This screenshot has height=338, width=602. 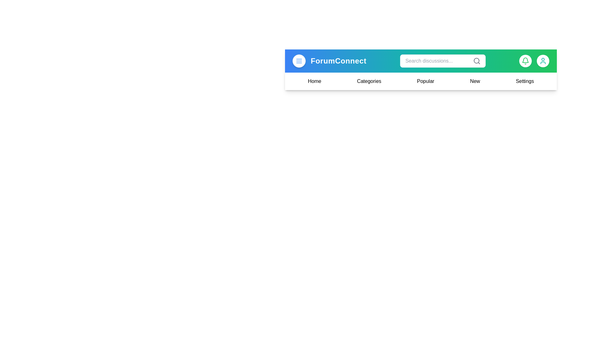 I want to click on the user profile button to access user settings, so click(x=543, y=61).